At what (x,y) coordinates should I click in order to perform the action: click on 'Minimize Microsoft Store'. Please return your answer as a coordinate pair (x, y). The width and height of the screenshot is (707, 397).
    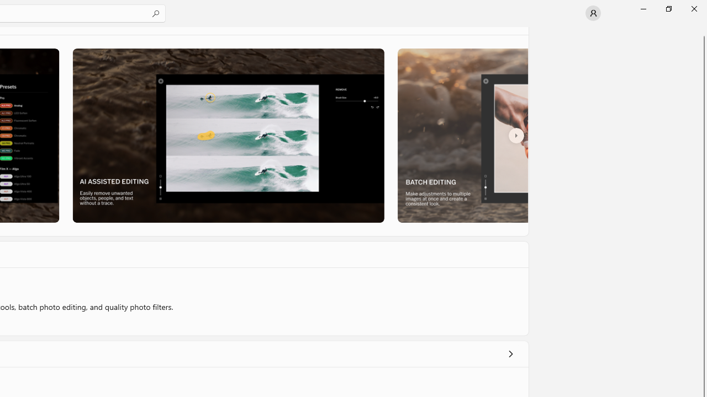
    Looking at the image, I should click on (643, 8).